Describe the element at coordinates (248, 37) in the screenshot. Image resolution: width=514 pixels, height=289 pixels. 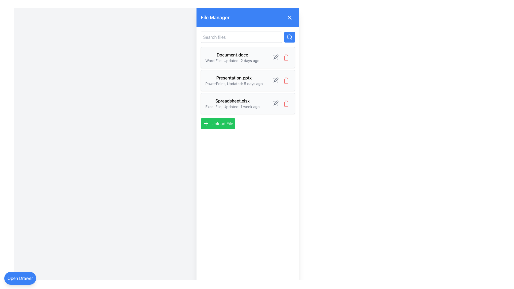
I see `the Search bar located at the top of the file manager panel` at that location.